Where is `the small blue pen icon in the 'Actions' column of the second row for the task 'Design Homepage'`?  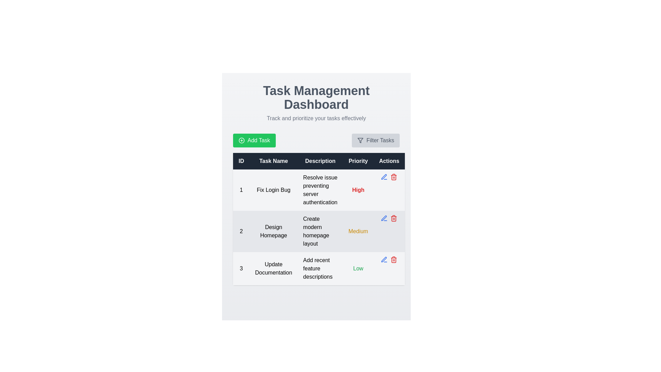 the small blue pen icon in the 'Actions' column of the second row for the task 'Design Homepage' is located at coordinates (384, 218).